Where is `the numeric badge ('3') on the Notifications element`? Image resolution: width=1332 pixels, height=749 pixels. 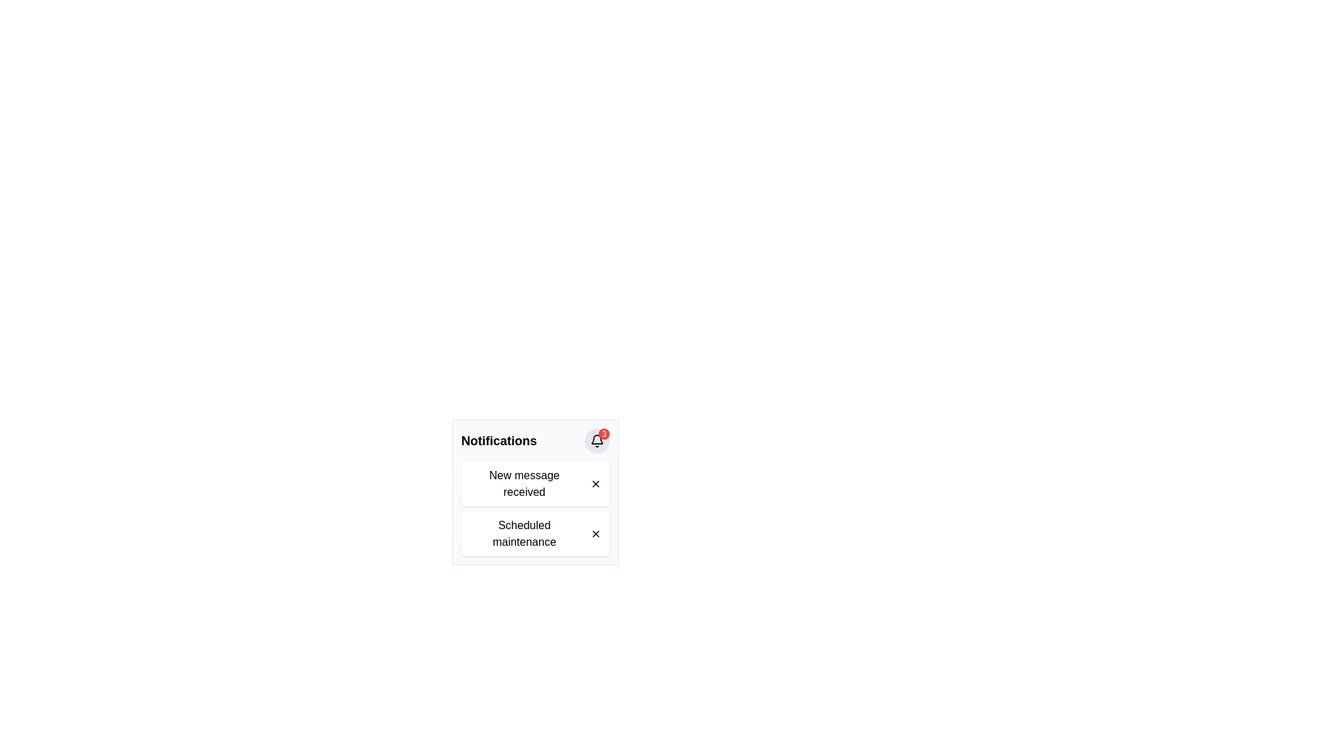
the numeric badge ('3') on the Notifications element is located at coordinates (535, 441).